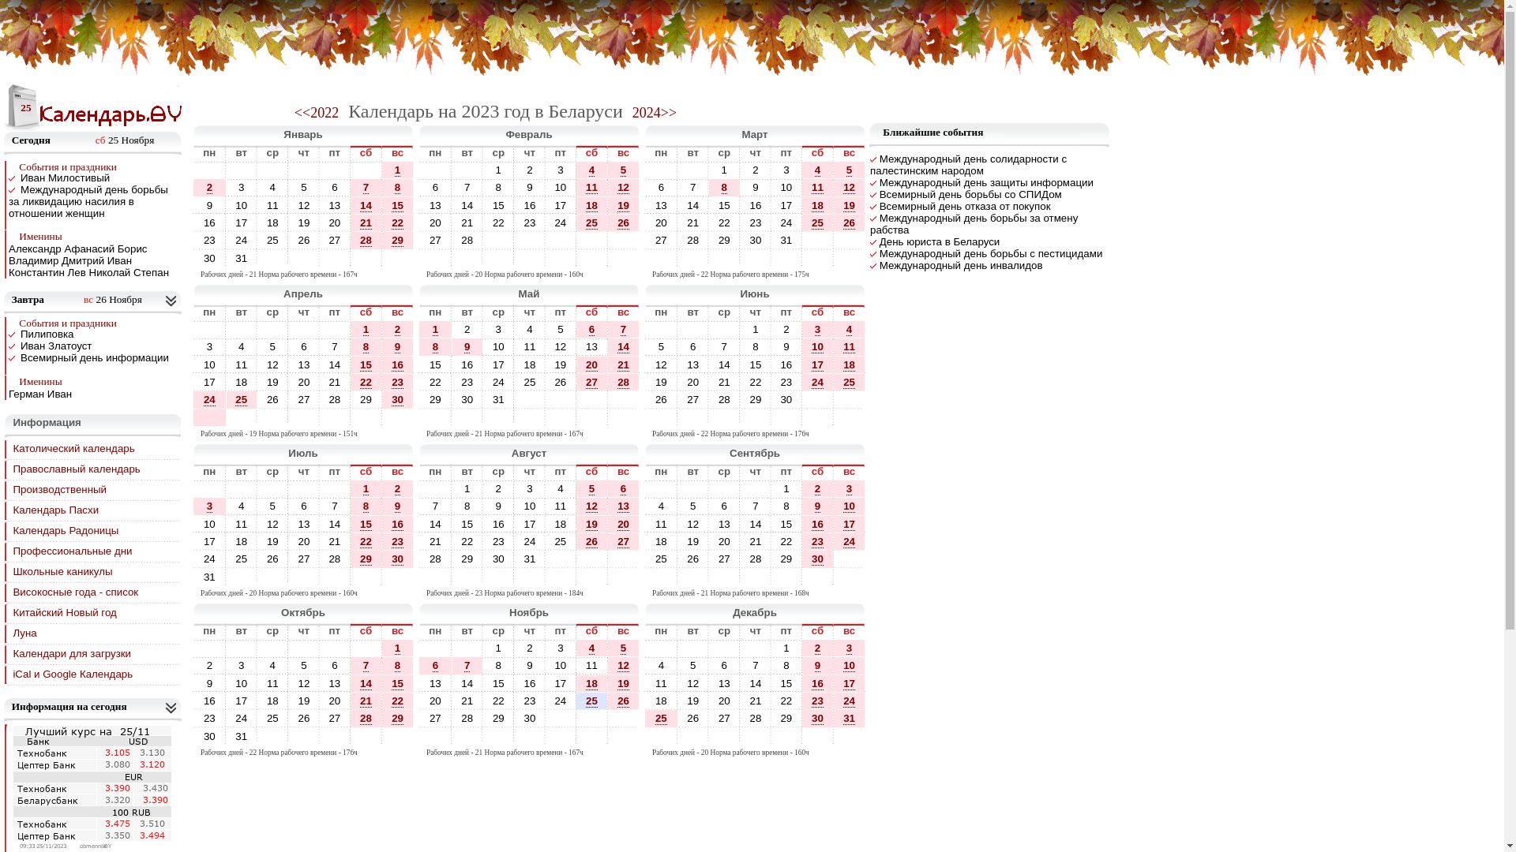 The image size is (1516, 852). What do you see at coordinates (288, 186) in the screenshot?
I see `'5'` at bounding box center [288, 186].